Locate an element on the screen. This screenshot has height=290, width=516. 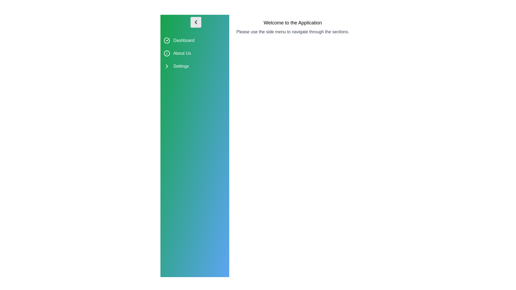
the menu item Dashboard is located at coordinates (194, 40).